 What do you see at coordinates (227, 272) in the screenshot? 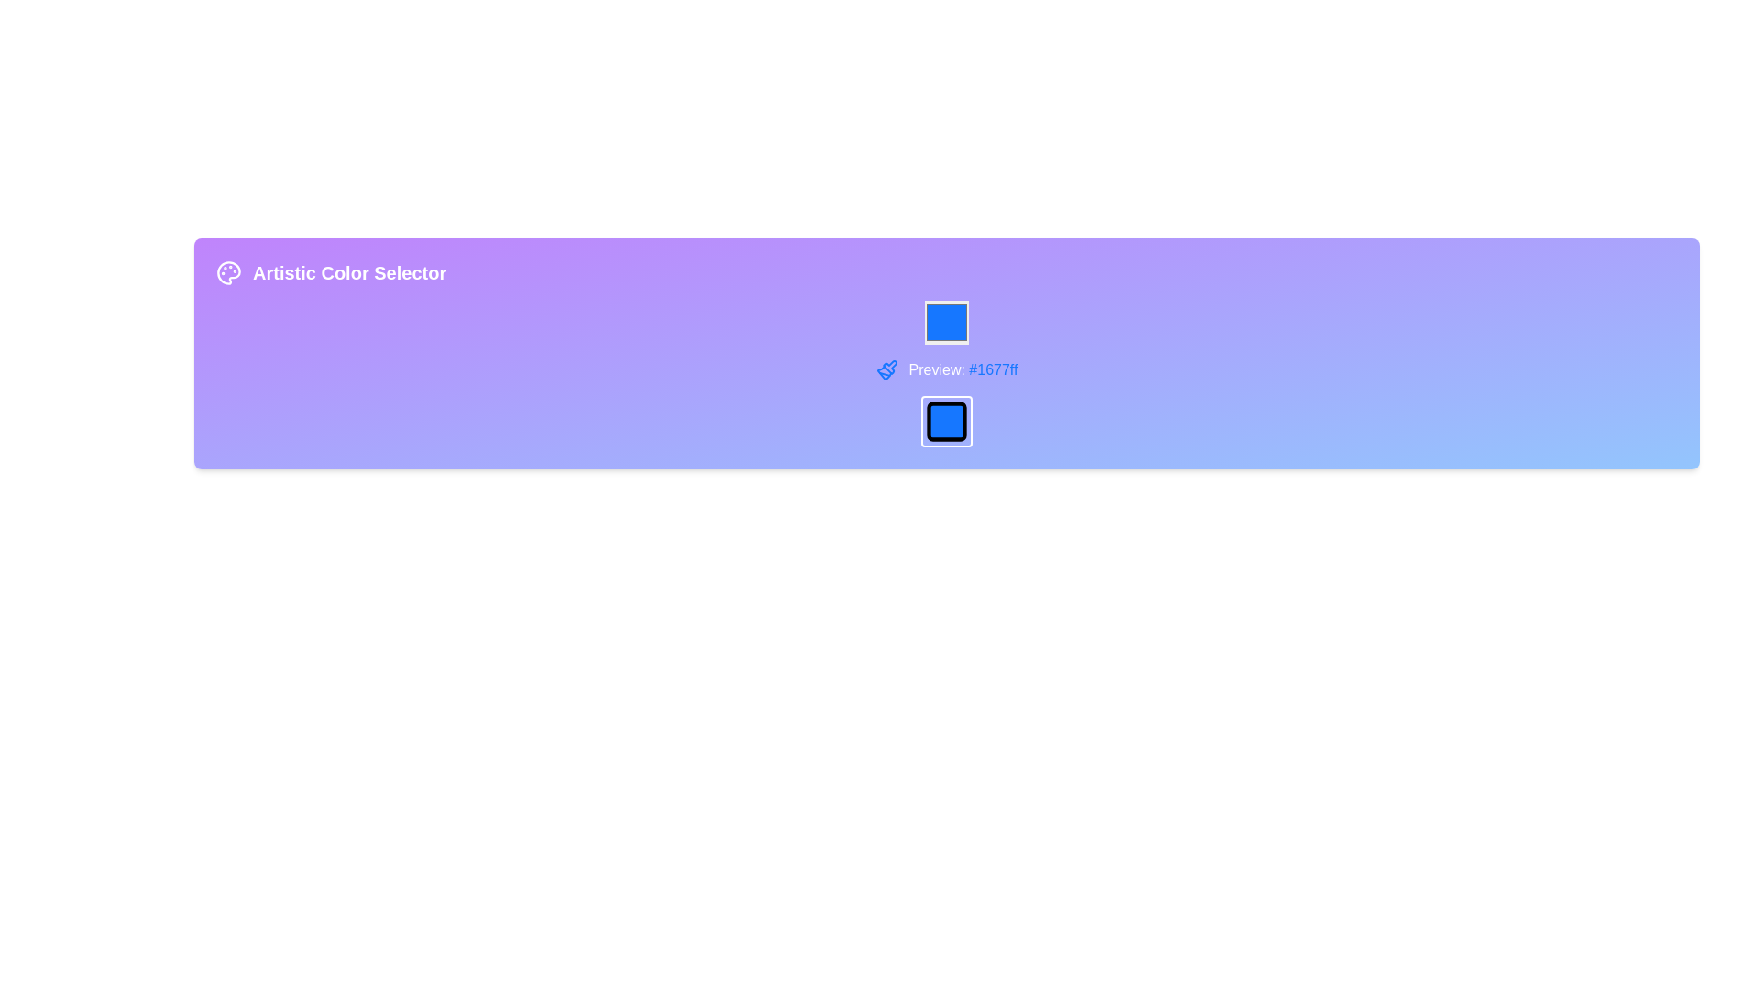
I see `the circular palette icon with a purple background located in the top-left segment of the interface, adjacent to 'Artistic Color Selector'` at bounding box center [227, 272].